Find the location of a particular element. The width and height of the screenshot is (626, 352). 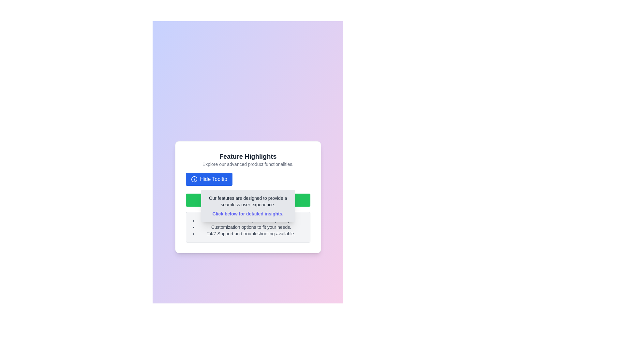

the third item in the bulleted list that informs users about 24/7 support and troubleshooting services is located at coordinates (251, 233).